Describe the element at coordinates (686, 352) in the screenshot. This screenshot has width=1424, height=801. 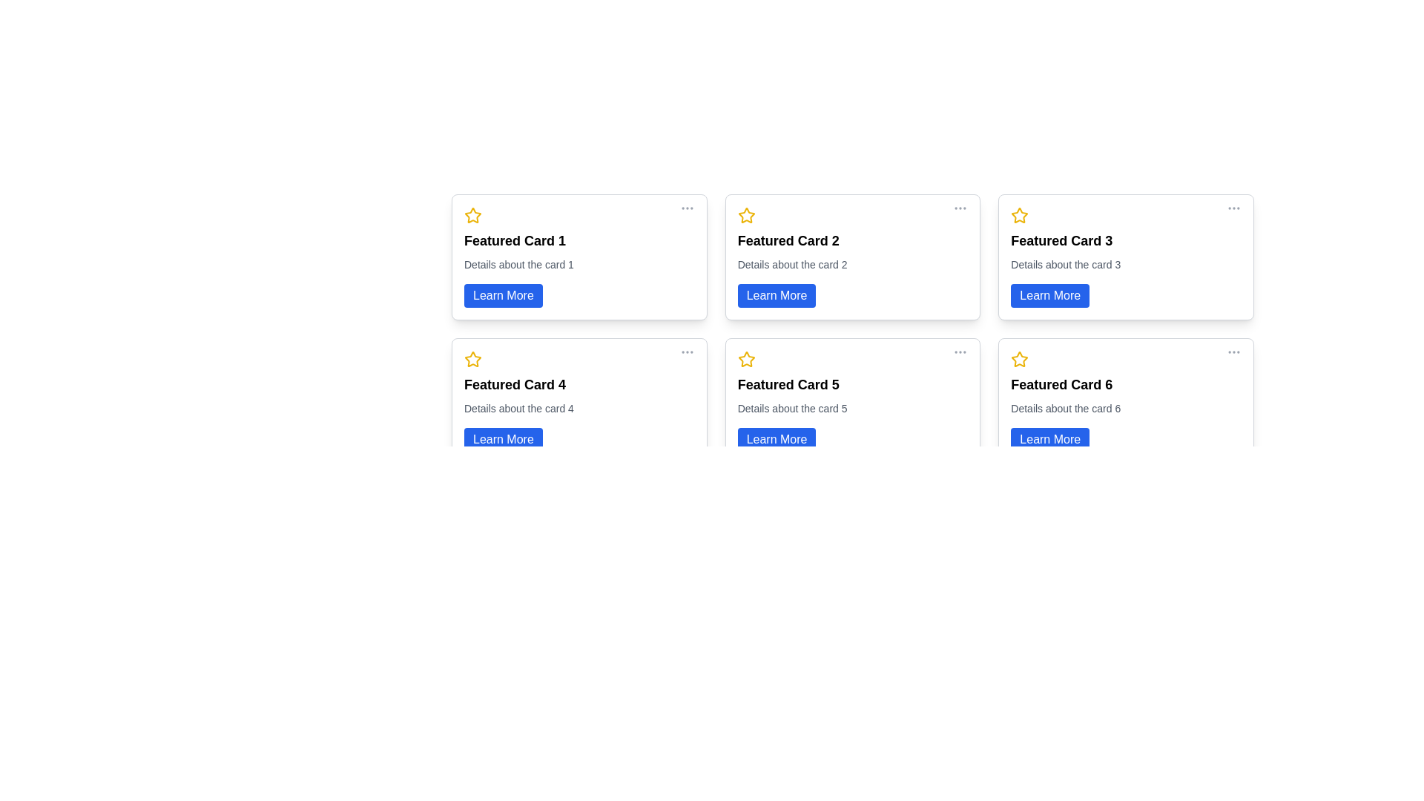
I see `the ellipsis icon in the top-right corner of the 'Featured Card 4' to change its color` at that location.